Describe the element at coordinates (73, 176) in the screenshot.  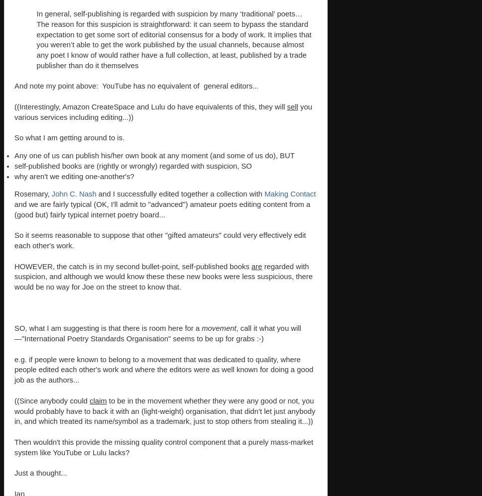
I see `'why aren't we editing one-another's?'` at that location.